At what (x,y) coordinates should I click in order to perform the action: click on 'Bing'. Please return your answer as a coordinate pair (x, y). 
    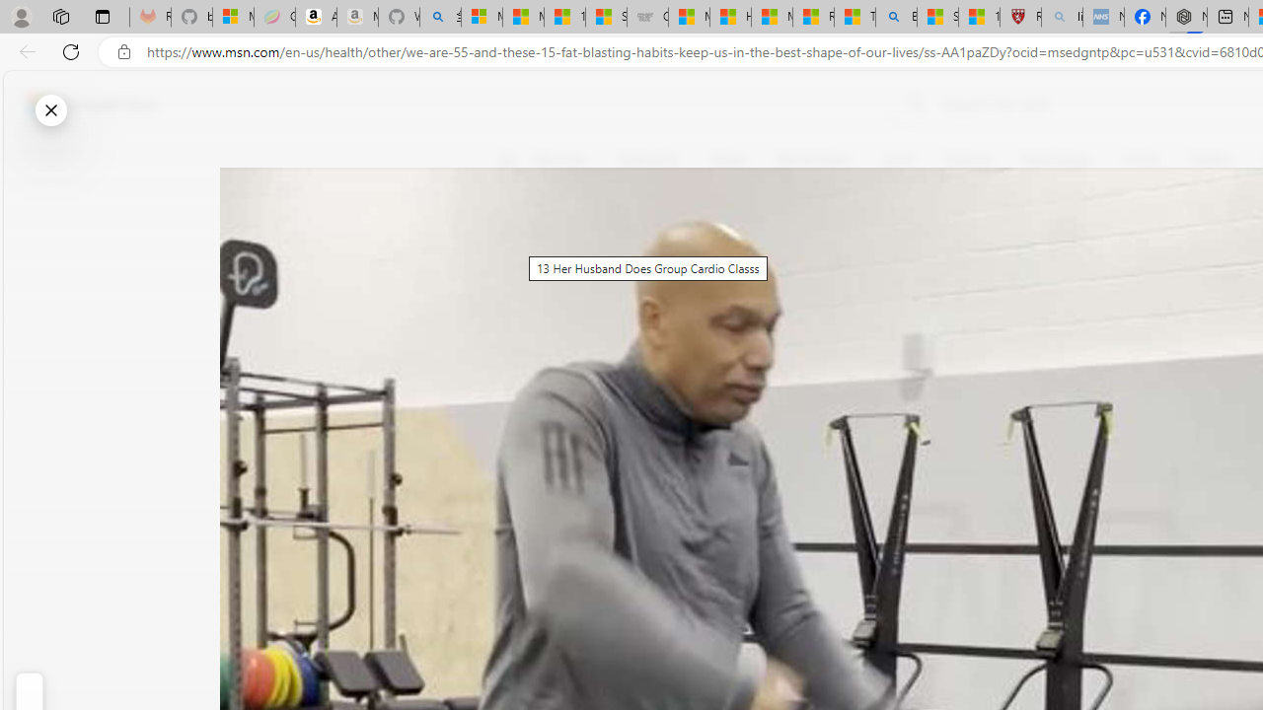
    Looking at the image, I should click on (895, 17).